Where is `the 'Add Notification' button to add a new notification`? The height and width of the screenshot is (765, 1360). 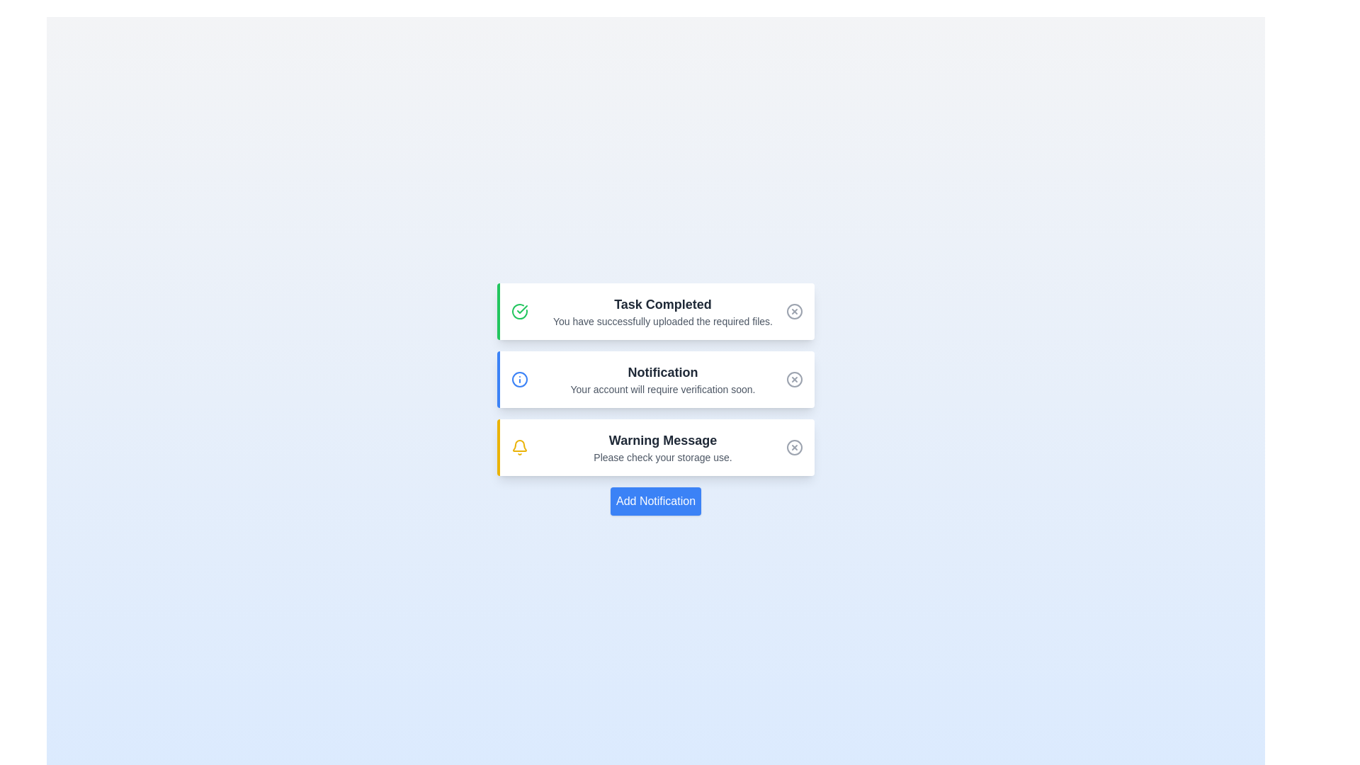 the 'Add Notification' button to add a new notification is located at coordinates (655, 501).